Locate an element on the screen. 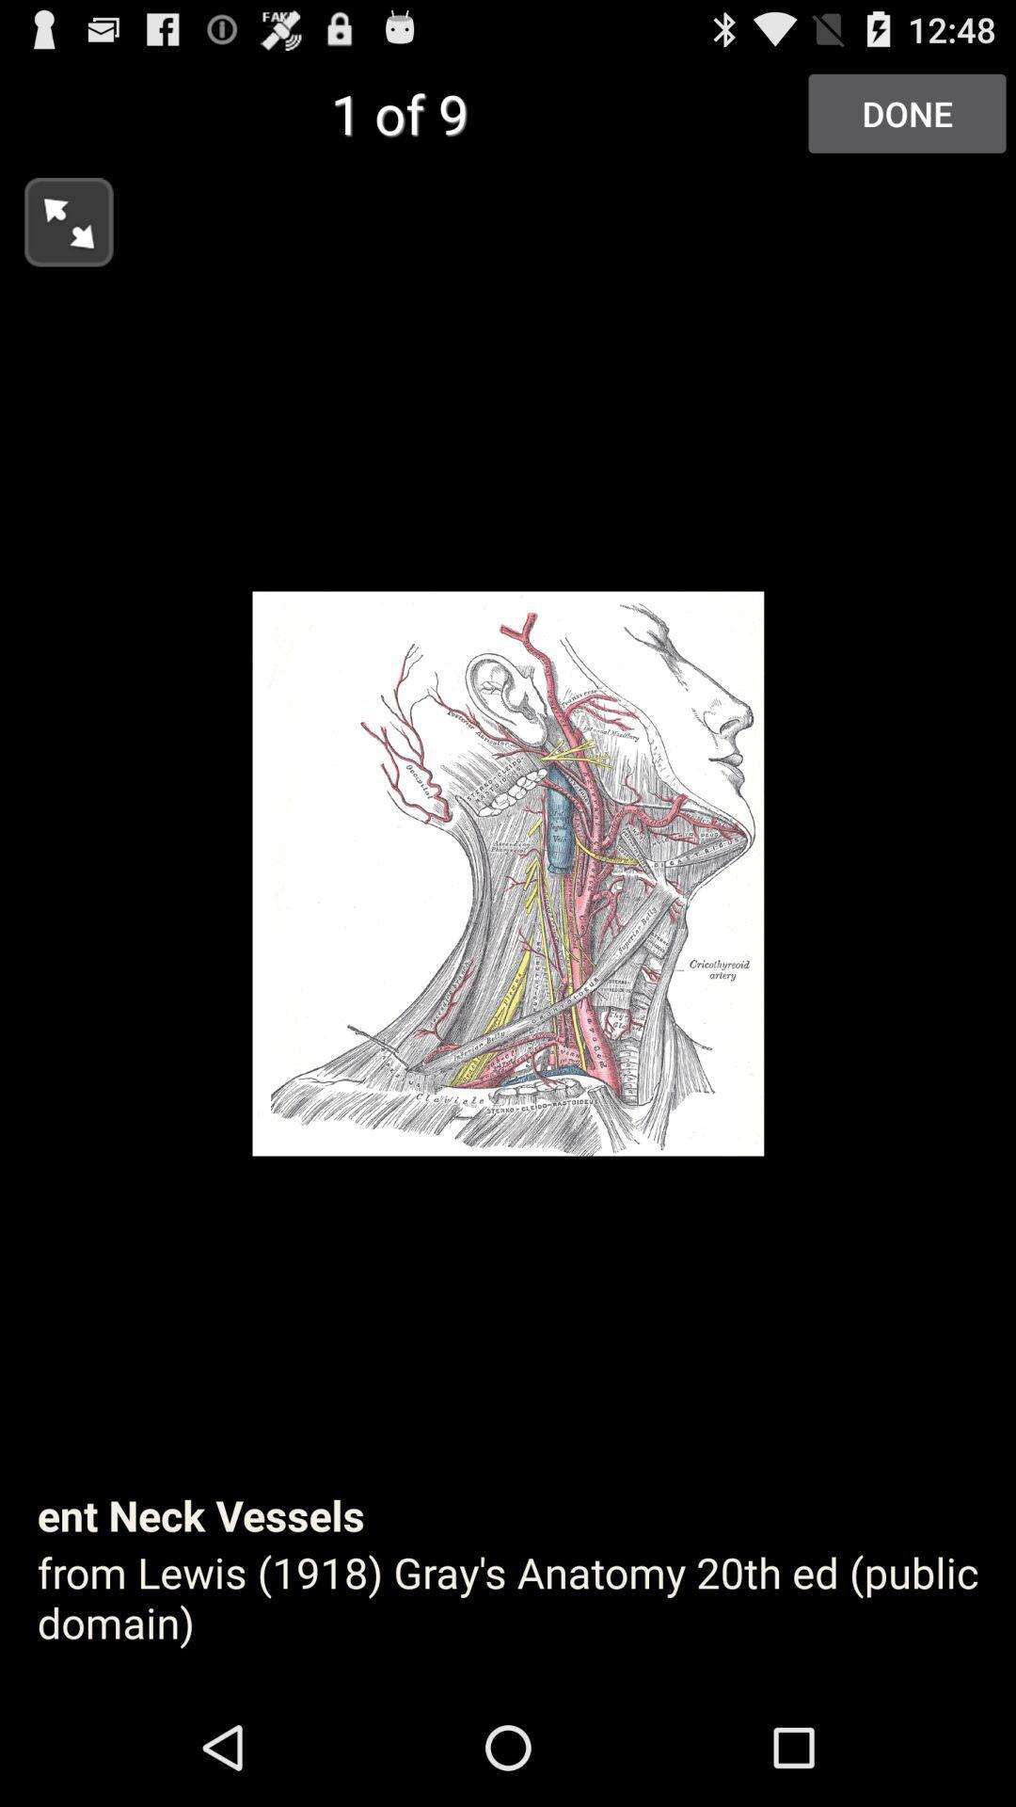 Image resolution: width=1016 pixels, height=1807 pixels. item above ent neck vessels is located at coordinates (56, 216).